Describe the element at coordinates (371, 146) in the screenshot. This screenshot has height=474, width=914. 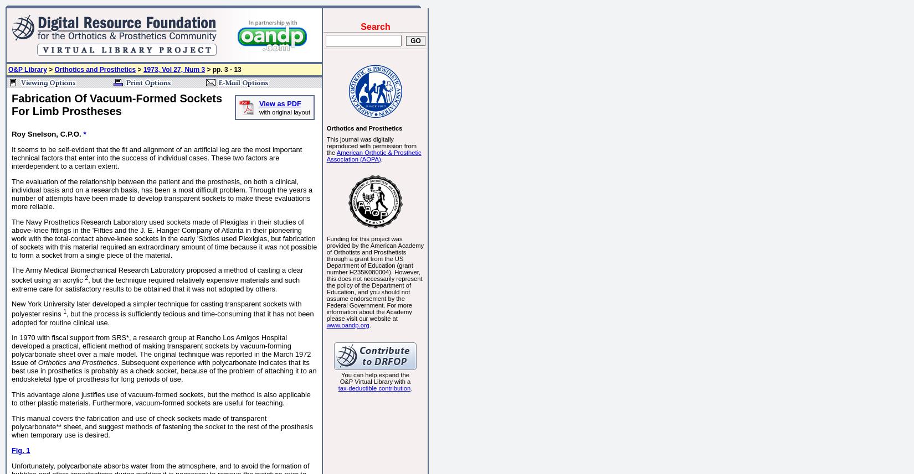
I see `'This journal was digitally reproduced with permission from the'` at that location.